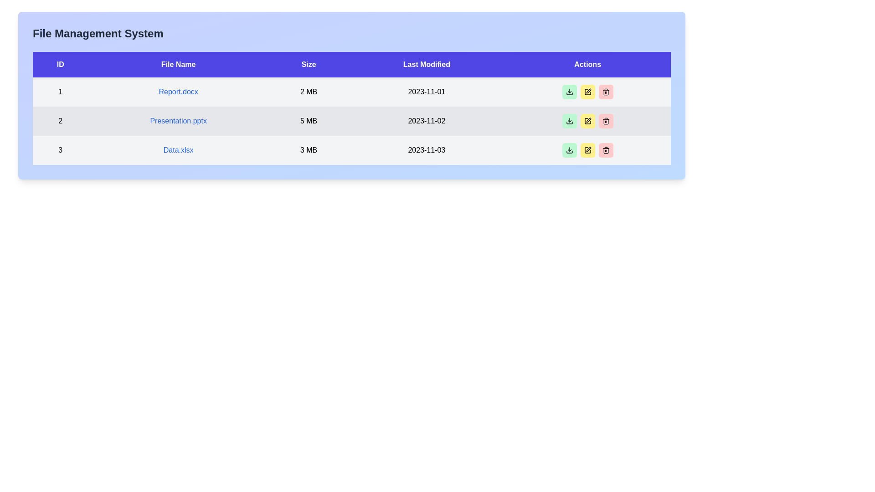 This screenshot has height=492, width=875. I want to click on the 'File Name' table header, which is a bold sans-serif text label on a solid blue background, positioned between the 'ID' and 'Size' columns in the table, so click(178, 64).